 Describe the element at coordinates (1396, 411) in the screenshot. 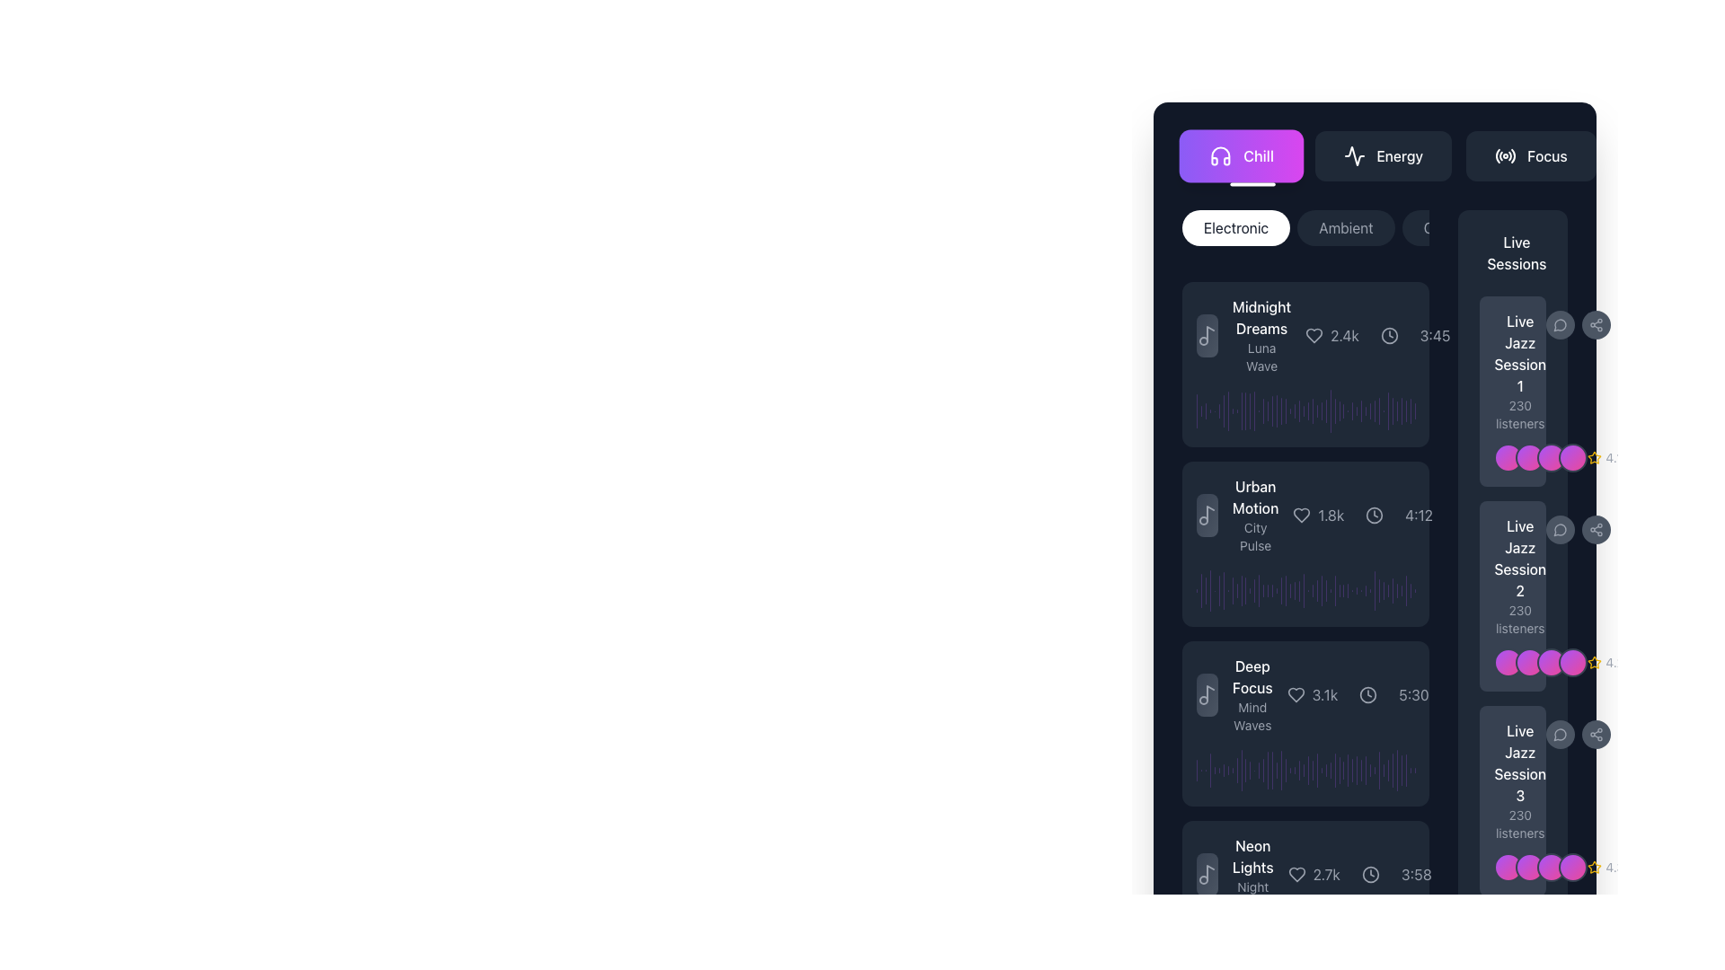

I see `properties of the 44th progress indicator bar located under the 'Live Sessions' section, which visually represents data or progress` at that location.